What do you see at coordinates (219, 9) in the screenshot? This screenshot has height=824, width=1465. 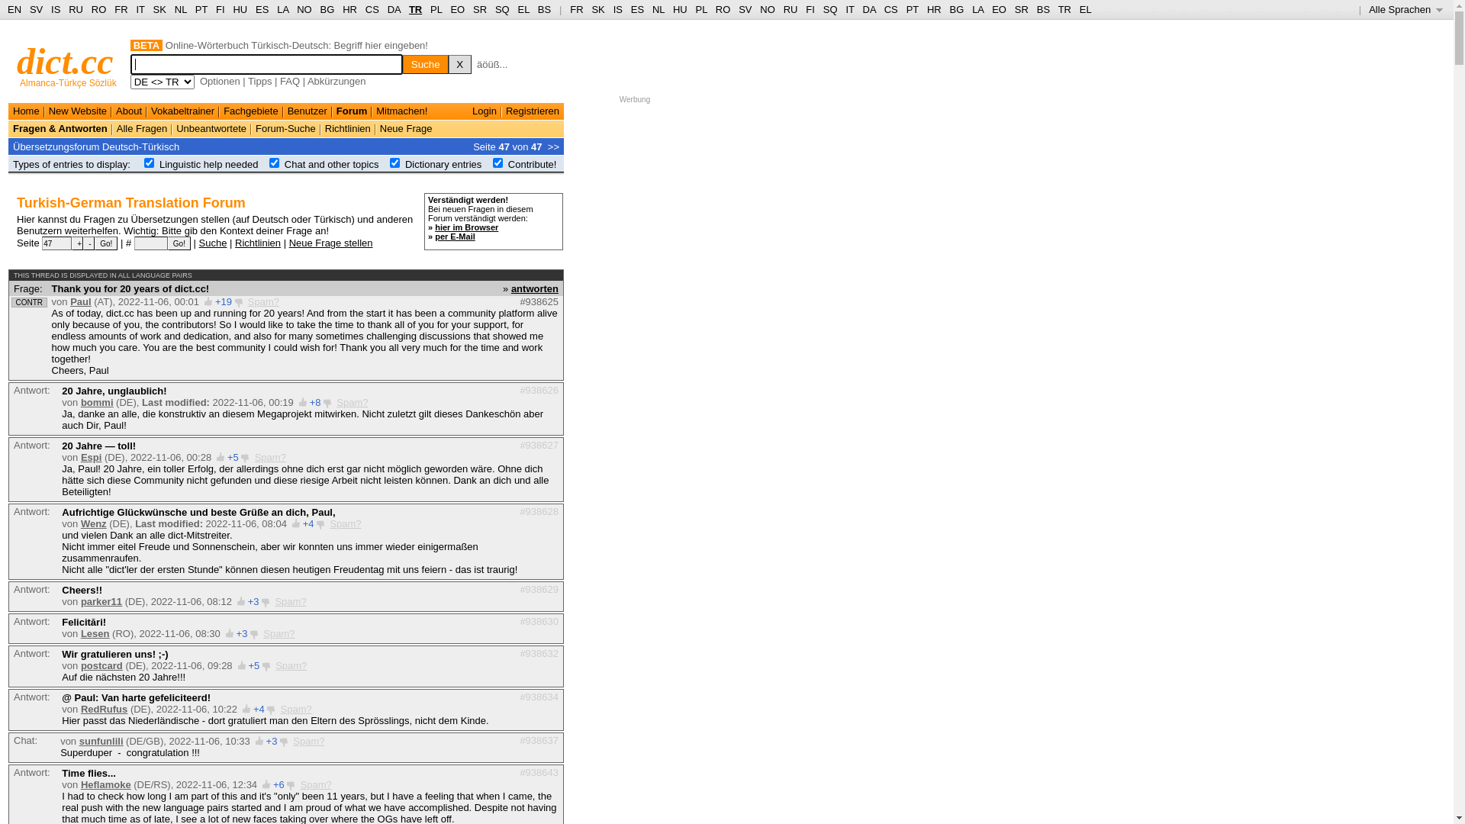 I see `'FI'` at bounding box center [219, 9].